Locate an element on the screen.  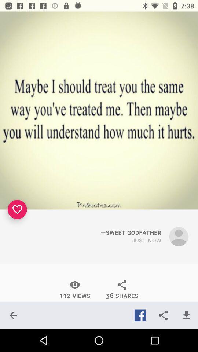
the item to the left of 36 shares item is located at coordinates (74, 289).